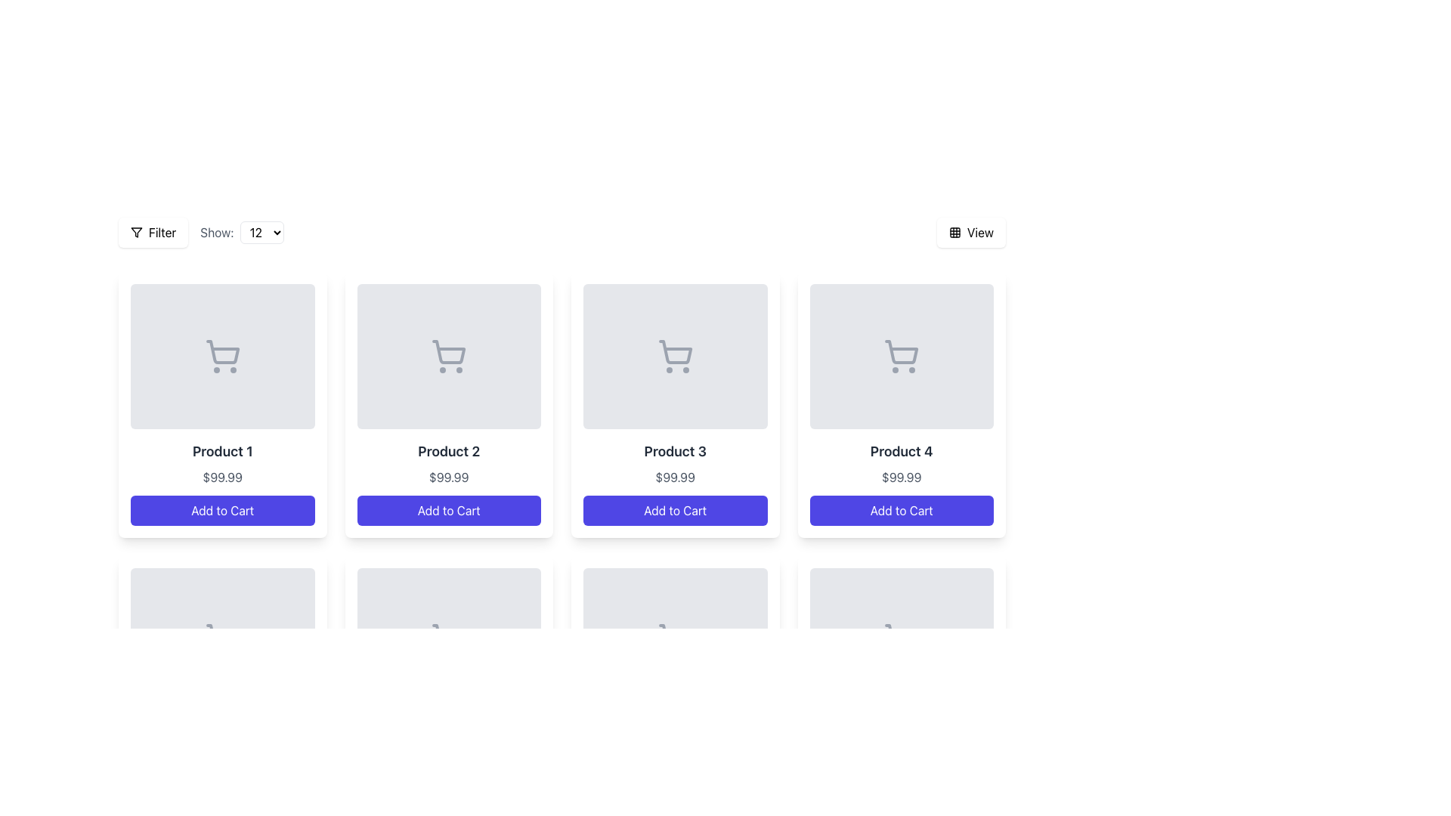 This screenshot has height=816, width=1451. What do you see at coordinates (674, 352) in the screenshot?
I see `the minimalistic shopping cart icon located within the 'Product 3' card in the third position from the left in the top row of the product grid` at bounding box center [674, 352].